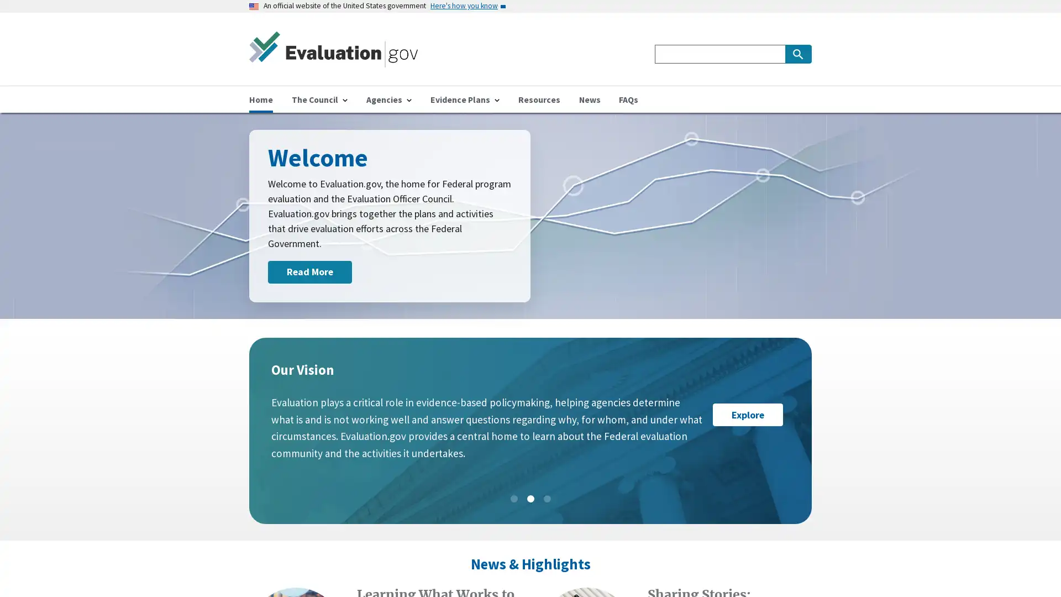 Image resolution: width=1061 pixels, height=597 pixels. Describe the element at coordinates (530, 499) in the screenshot. I see `Slide: 2` at that location.